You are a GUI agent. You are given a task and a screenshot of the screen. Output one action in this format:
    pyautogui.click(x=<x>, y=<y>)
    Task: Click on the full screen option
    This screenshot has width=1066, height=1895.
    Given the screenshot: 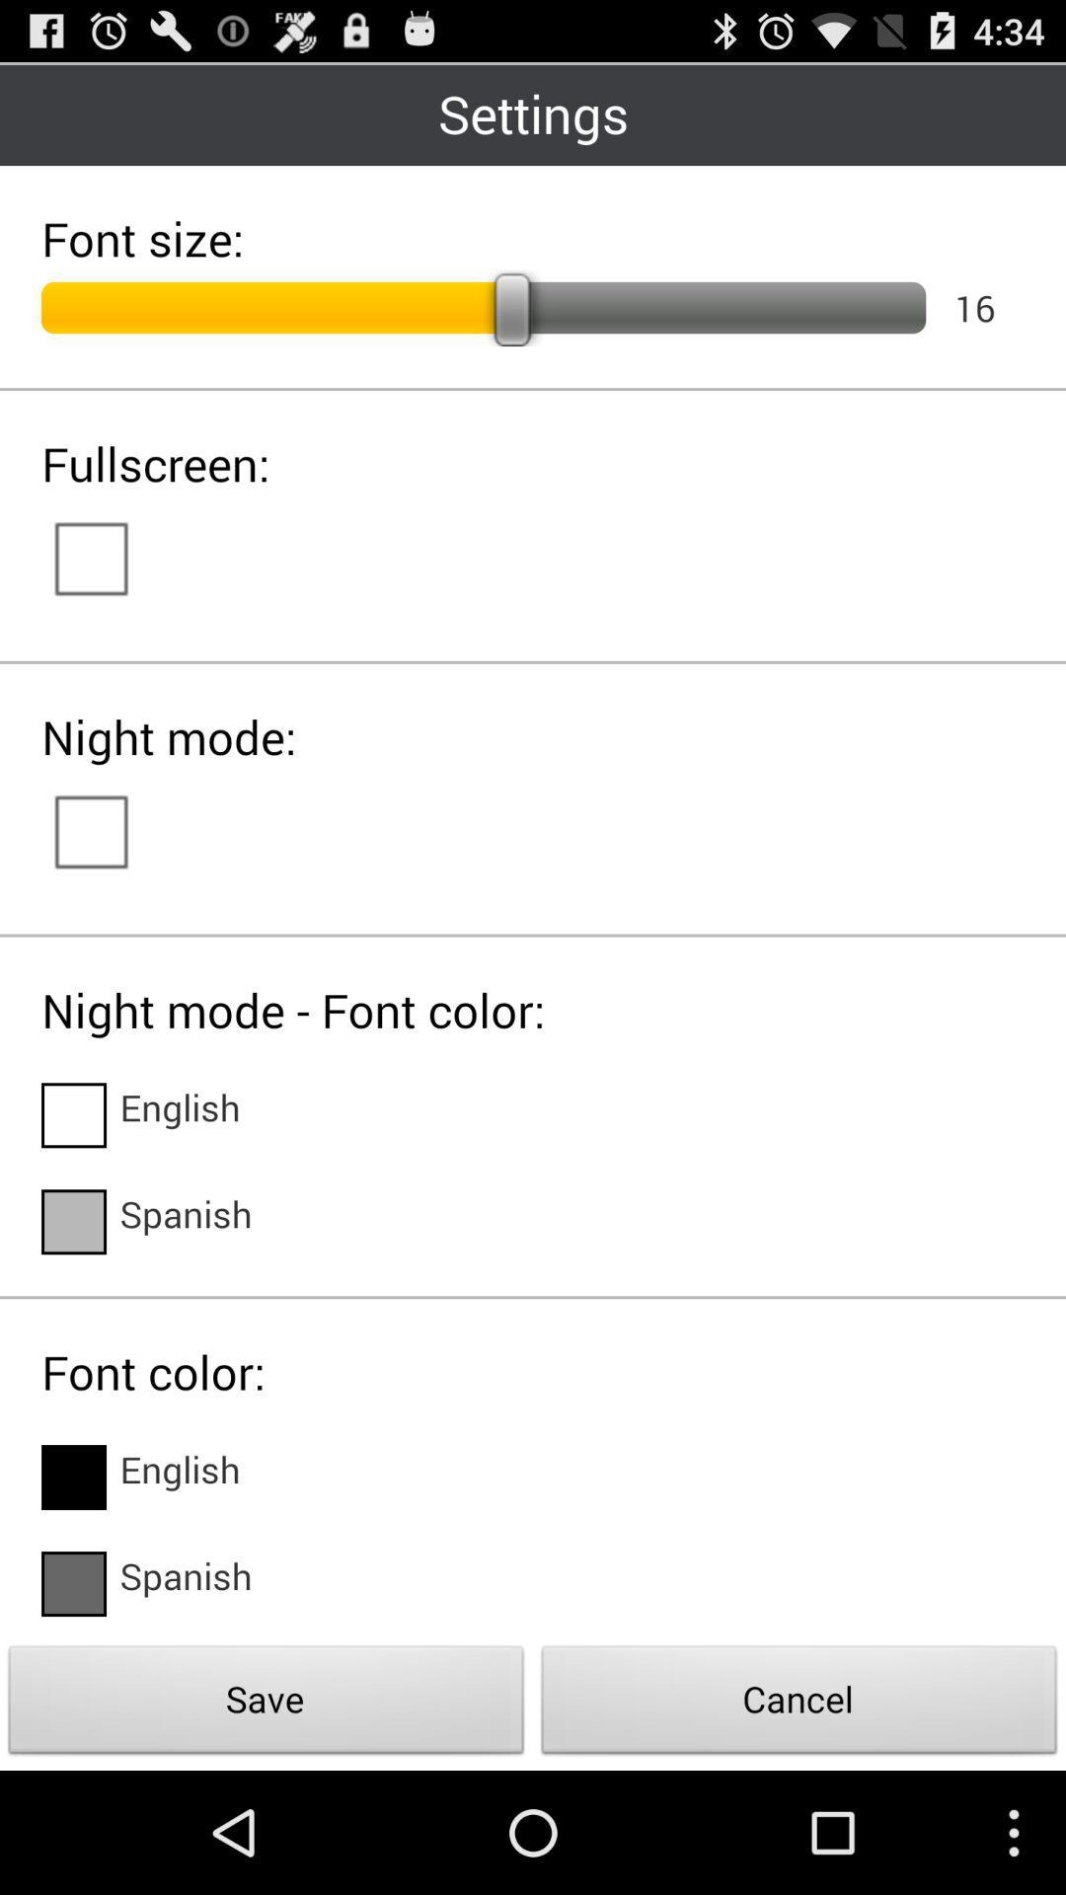 What is the action you would take?
    pyautogui.click(x=111, y=556)
    